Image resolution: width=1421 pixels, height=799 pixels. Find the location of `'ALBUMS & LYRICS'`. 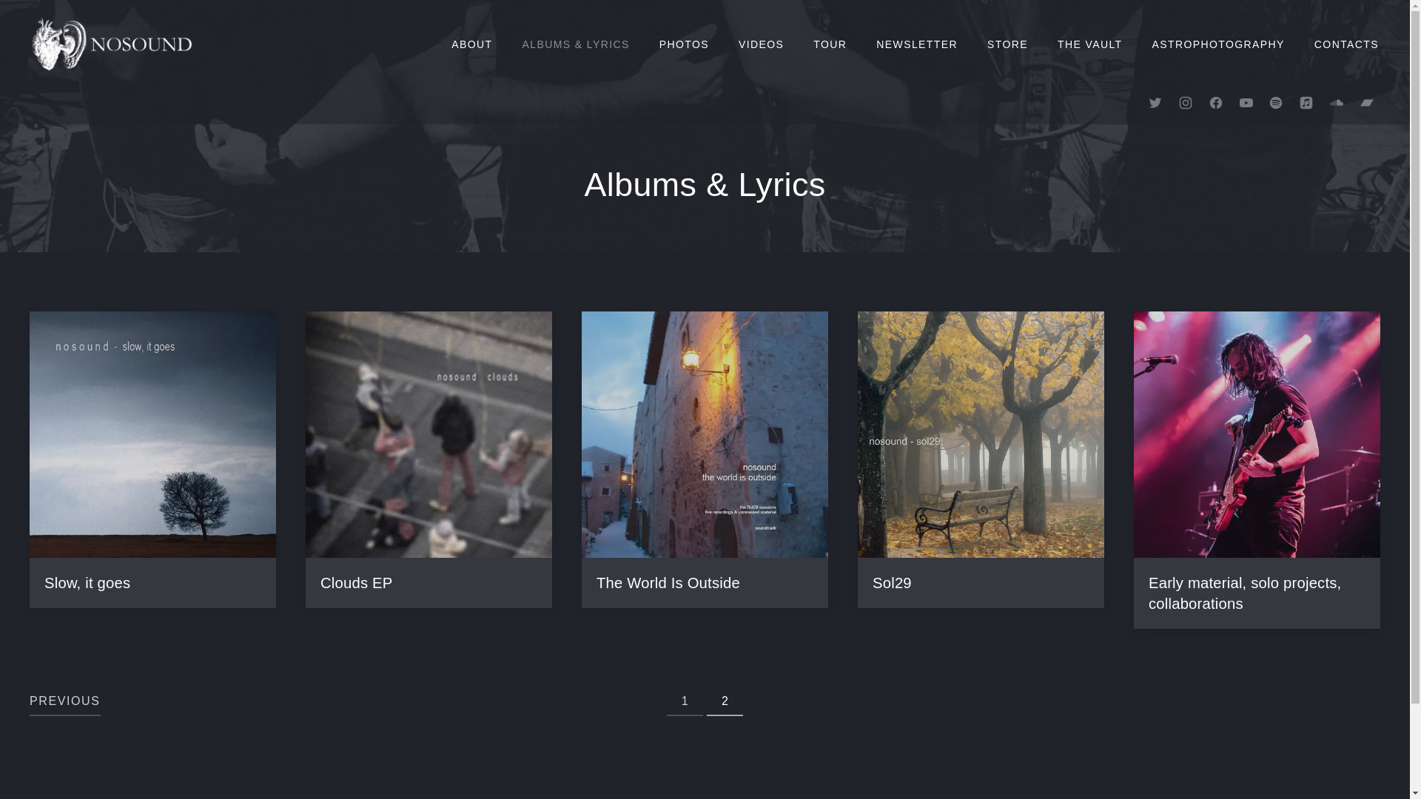

'ALBUMS & LYRICS' is located at coordinates (508, 44).